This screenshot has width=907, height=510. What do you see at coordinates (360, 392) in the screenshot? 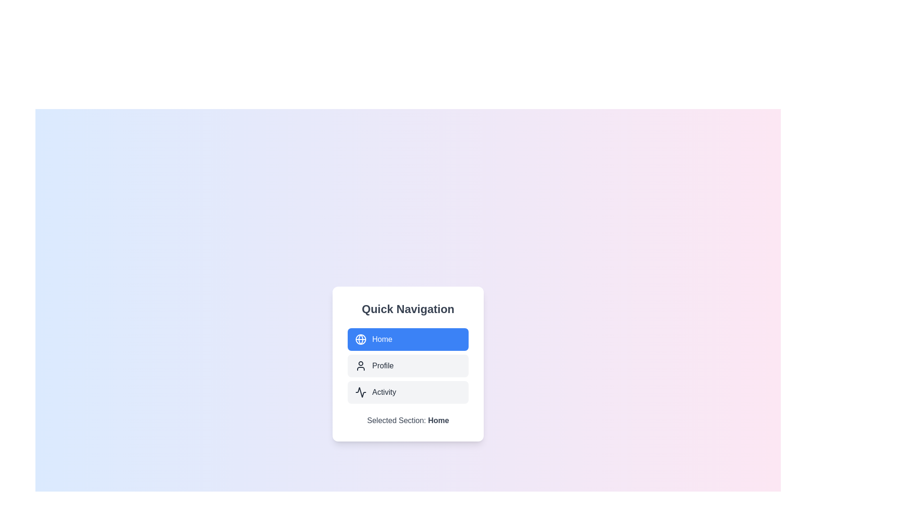
I see `the 'Activity' icon in the 'Quick Navigation' section` at bounding box center [360, 392].